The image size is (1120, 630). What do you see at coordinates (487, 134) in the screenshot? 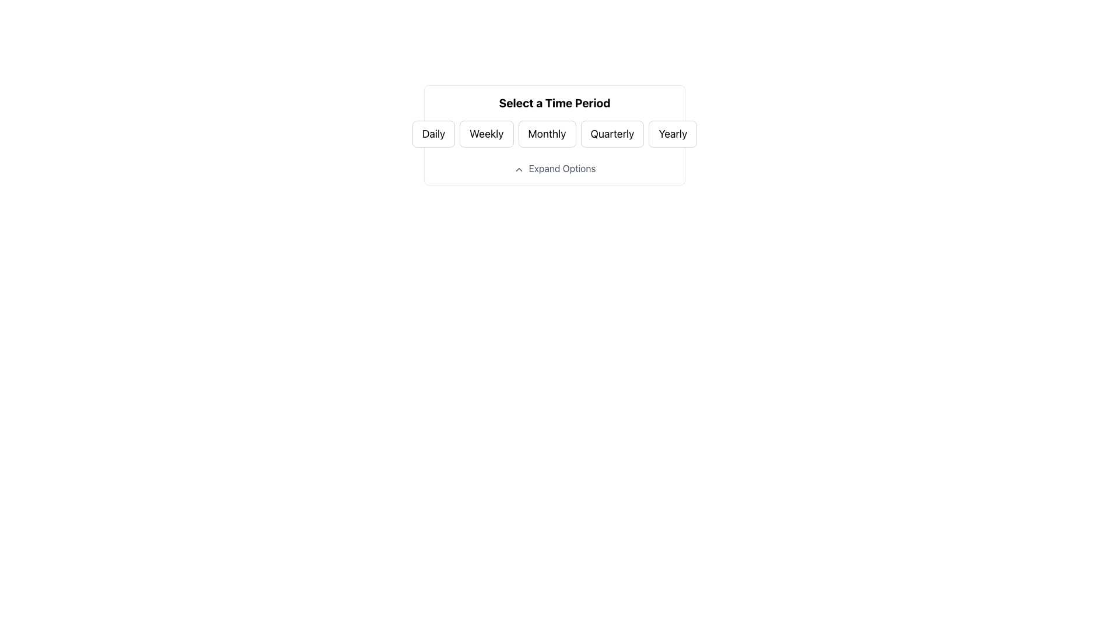
I see `the 'Weekly' button, which is a rectangular button with a white background and black text, located between 'Daily' and 'Monthly'` at bounding box center [487, 134].